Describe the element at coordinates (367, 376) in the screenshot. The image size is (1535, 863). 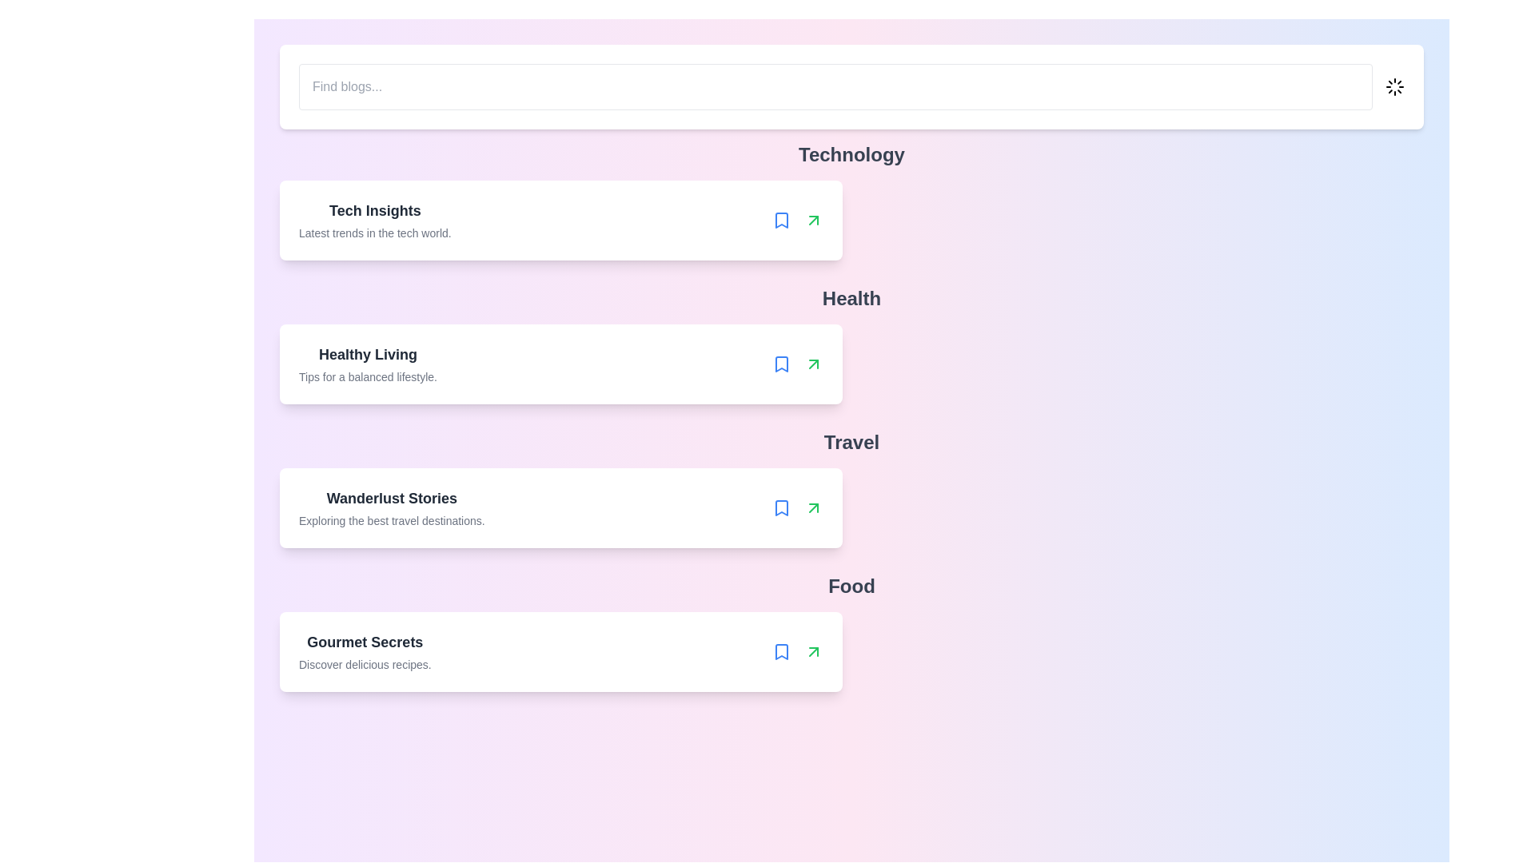
I see `the static text label providing additional descriptive information about the 'Healthy Living' section, which is located under the 'Healthy Living' text within the 'Health' category` at that location.